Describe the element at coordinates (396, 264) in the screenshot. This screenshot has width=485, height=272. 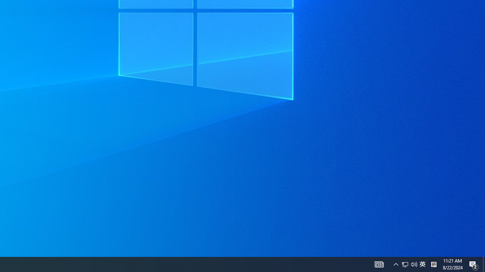
I see `'Notification Chevron'` at that location.